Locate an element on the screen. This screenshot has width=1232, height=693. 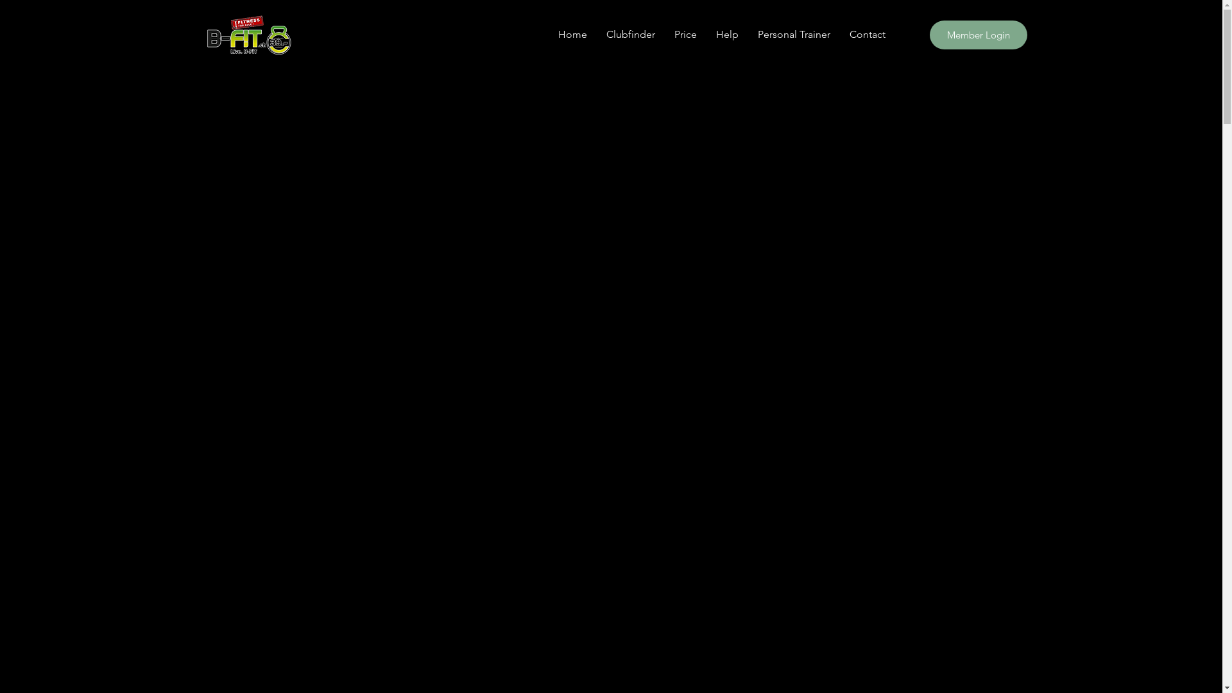
'Help' is located at coordinates (705, 34).